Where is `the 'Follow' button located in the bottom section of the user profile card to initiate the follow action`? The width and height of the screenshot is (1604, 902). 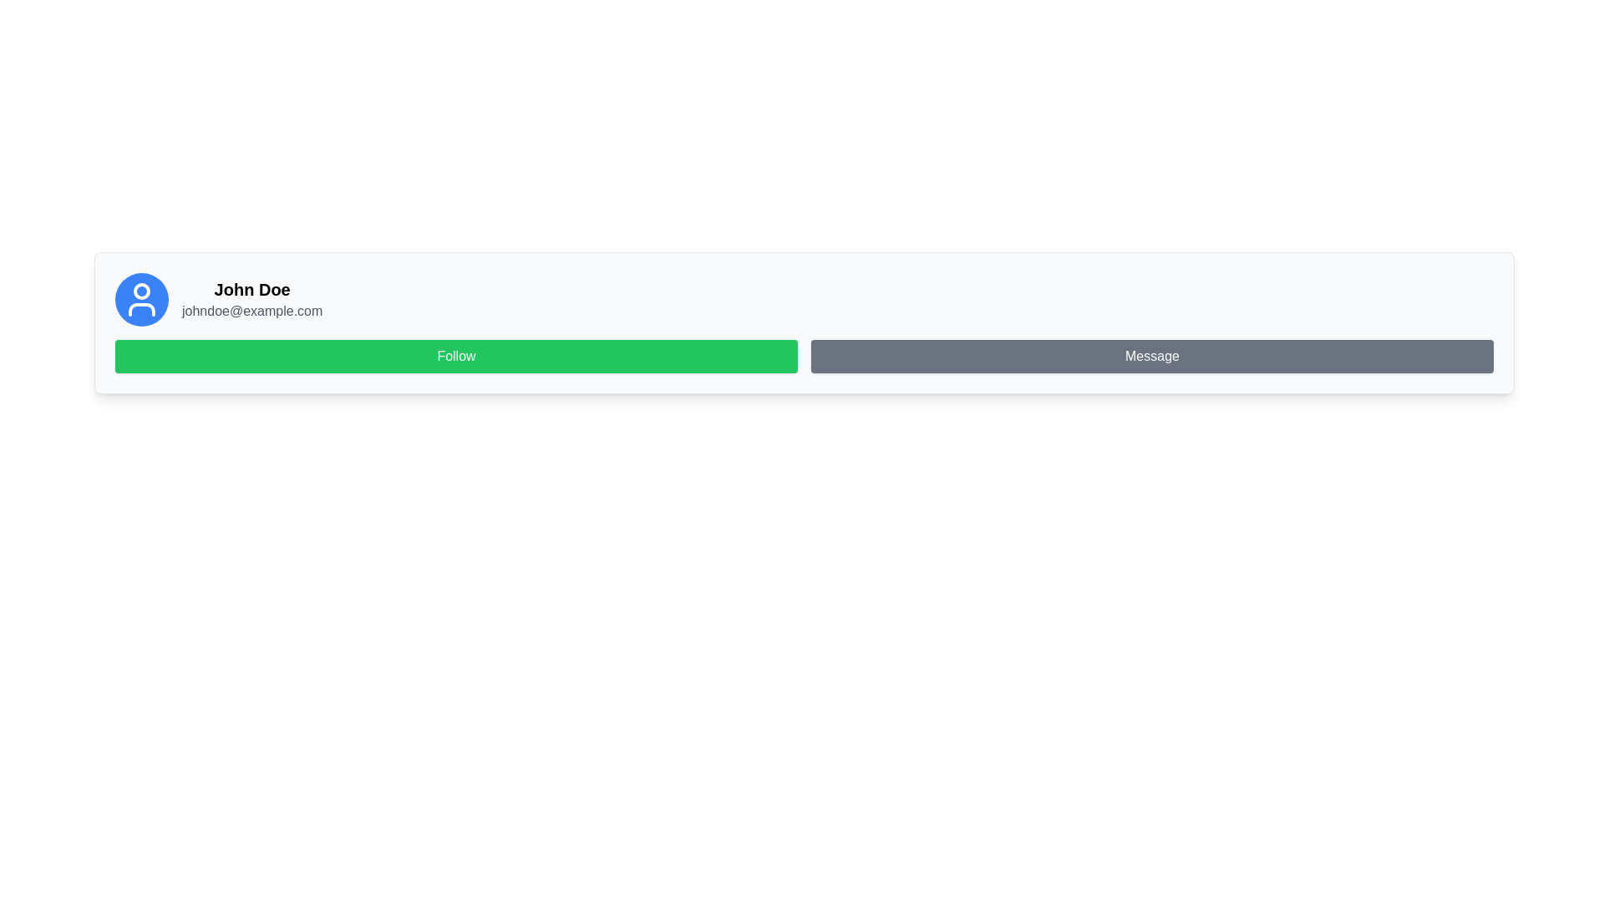
the 'Follow' button located in the bottom section of the user profile card to initiate the follow action is located at coordinates (456, 356).